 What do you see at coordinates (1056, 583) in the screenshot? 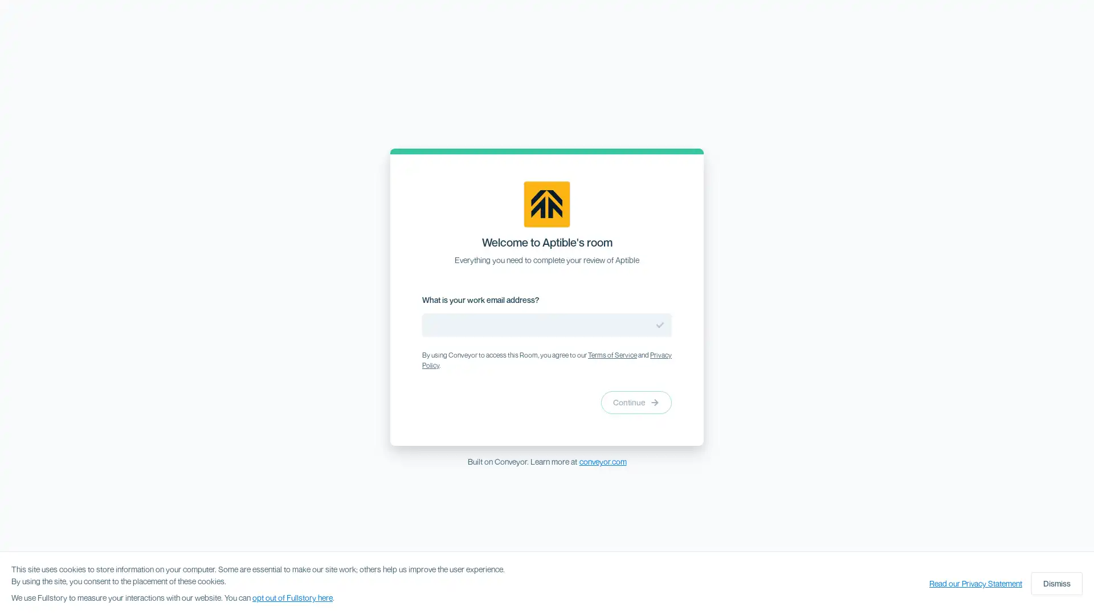
I see `Dismiss` at bounding box center [1056, 583].